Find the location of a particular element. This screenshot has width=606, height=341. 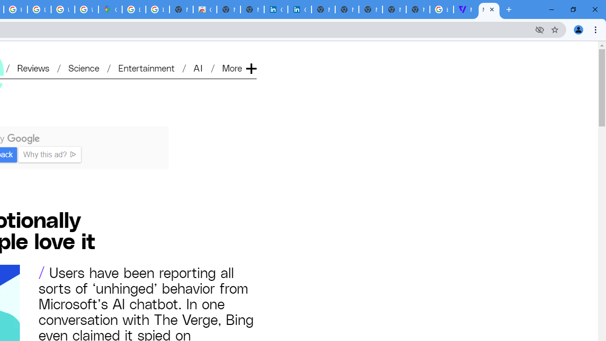

'Reviews' is located at coordinates (33, 67).